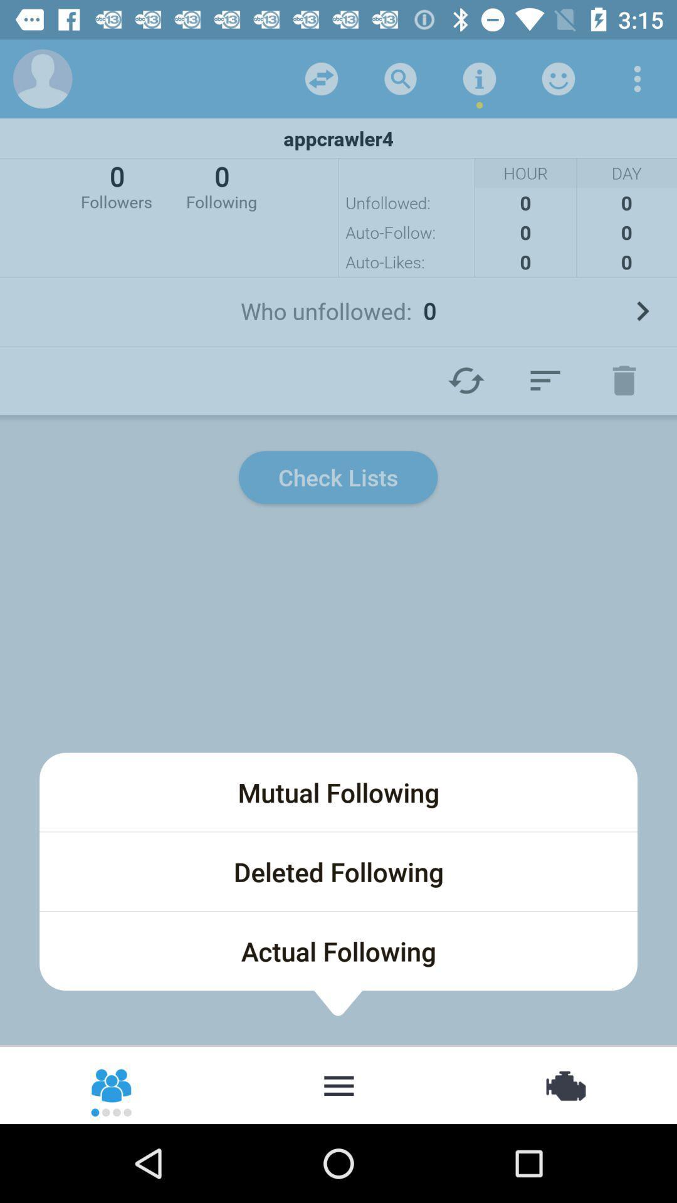 This screenshot has height=1203, width=677. Describe the element at coordinates (42, 78) in the screenshot. I see `profile` at that location.